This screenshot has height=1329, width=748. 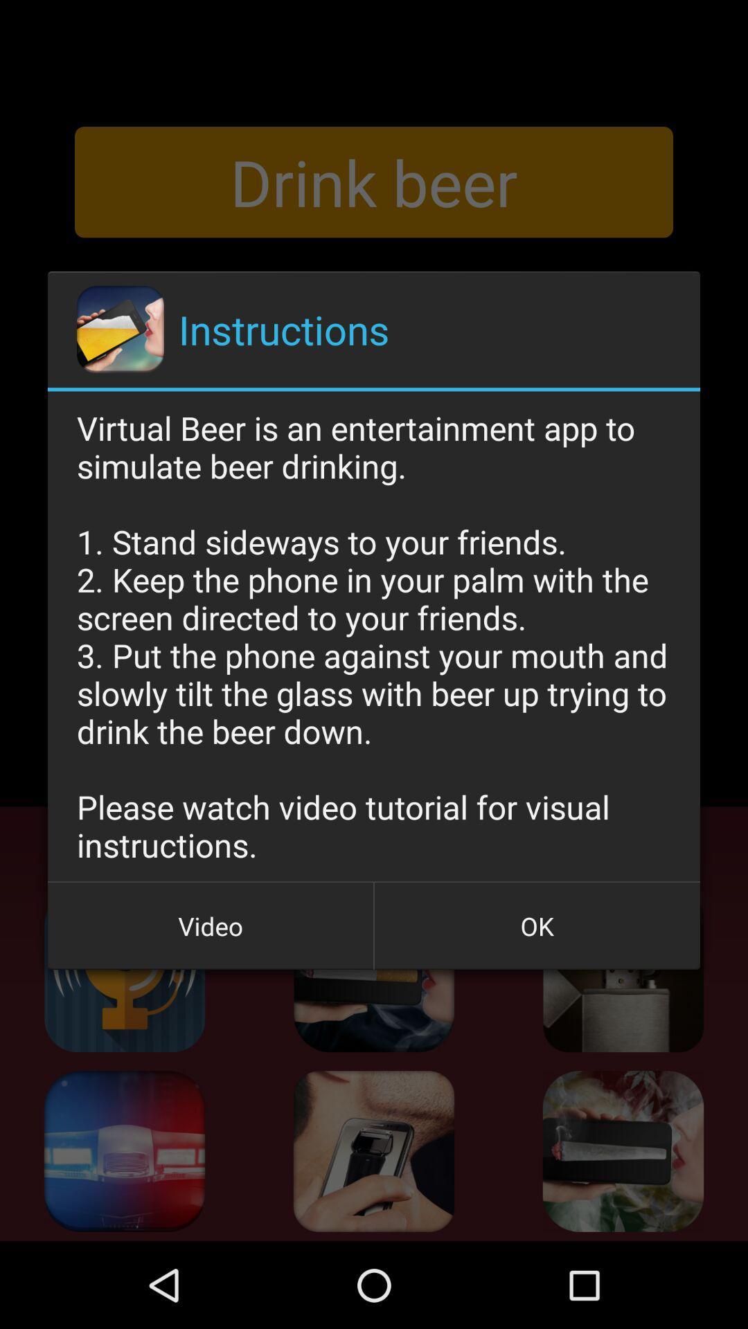 What do you see at coordinates (211, 926) in the screenshot?
I see `button next to the ok` at bounding box center [211, 926].